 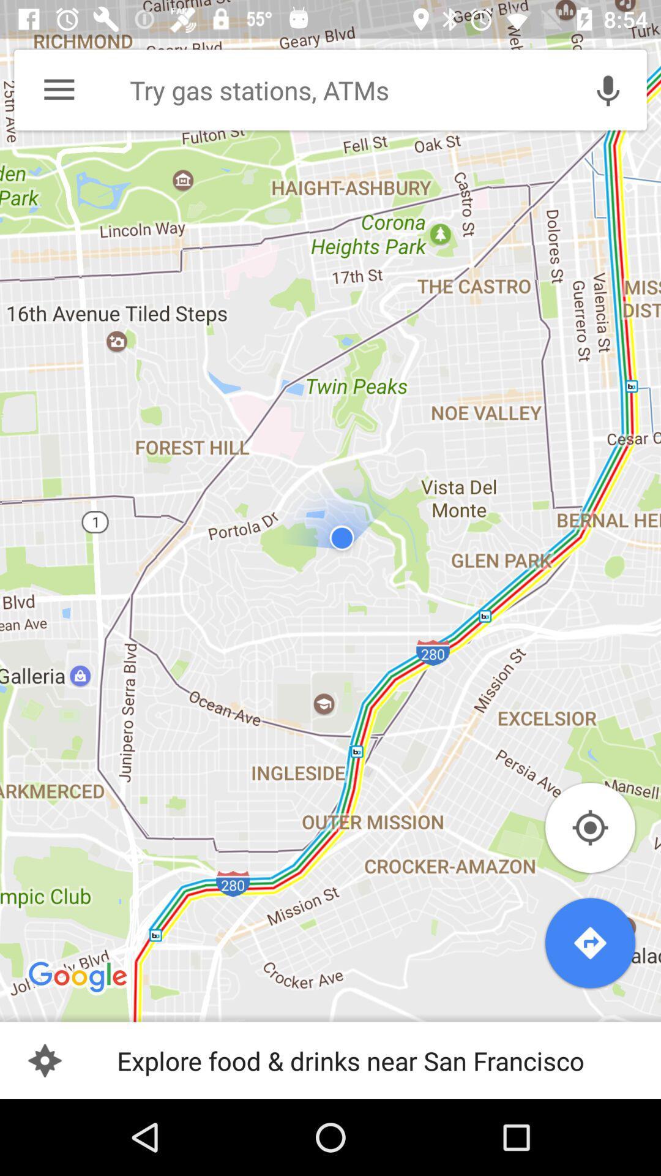 What do you see at coordinates (608, 89) in the screenshot?
I see `voice recorder` at bounding box center [608, 89].